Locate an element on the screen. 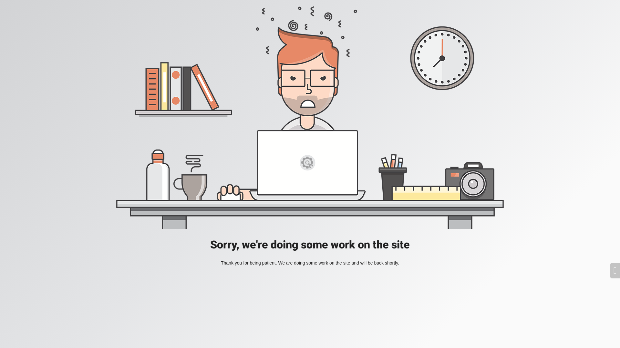 This screenshot has width=620, height=348. 'Mad Designer at work' is located at coordinates (310, 118).